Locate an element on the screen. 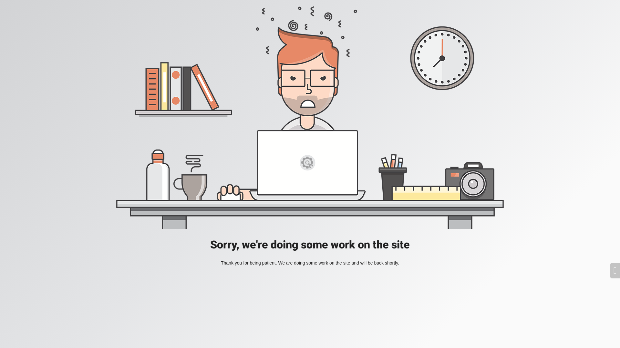 This screenshot has width=620, height=348. 'Mad Designer at work' is located at coordinates (310, 118).